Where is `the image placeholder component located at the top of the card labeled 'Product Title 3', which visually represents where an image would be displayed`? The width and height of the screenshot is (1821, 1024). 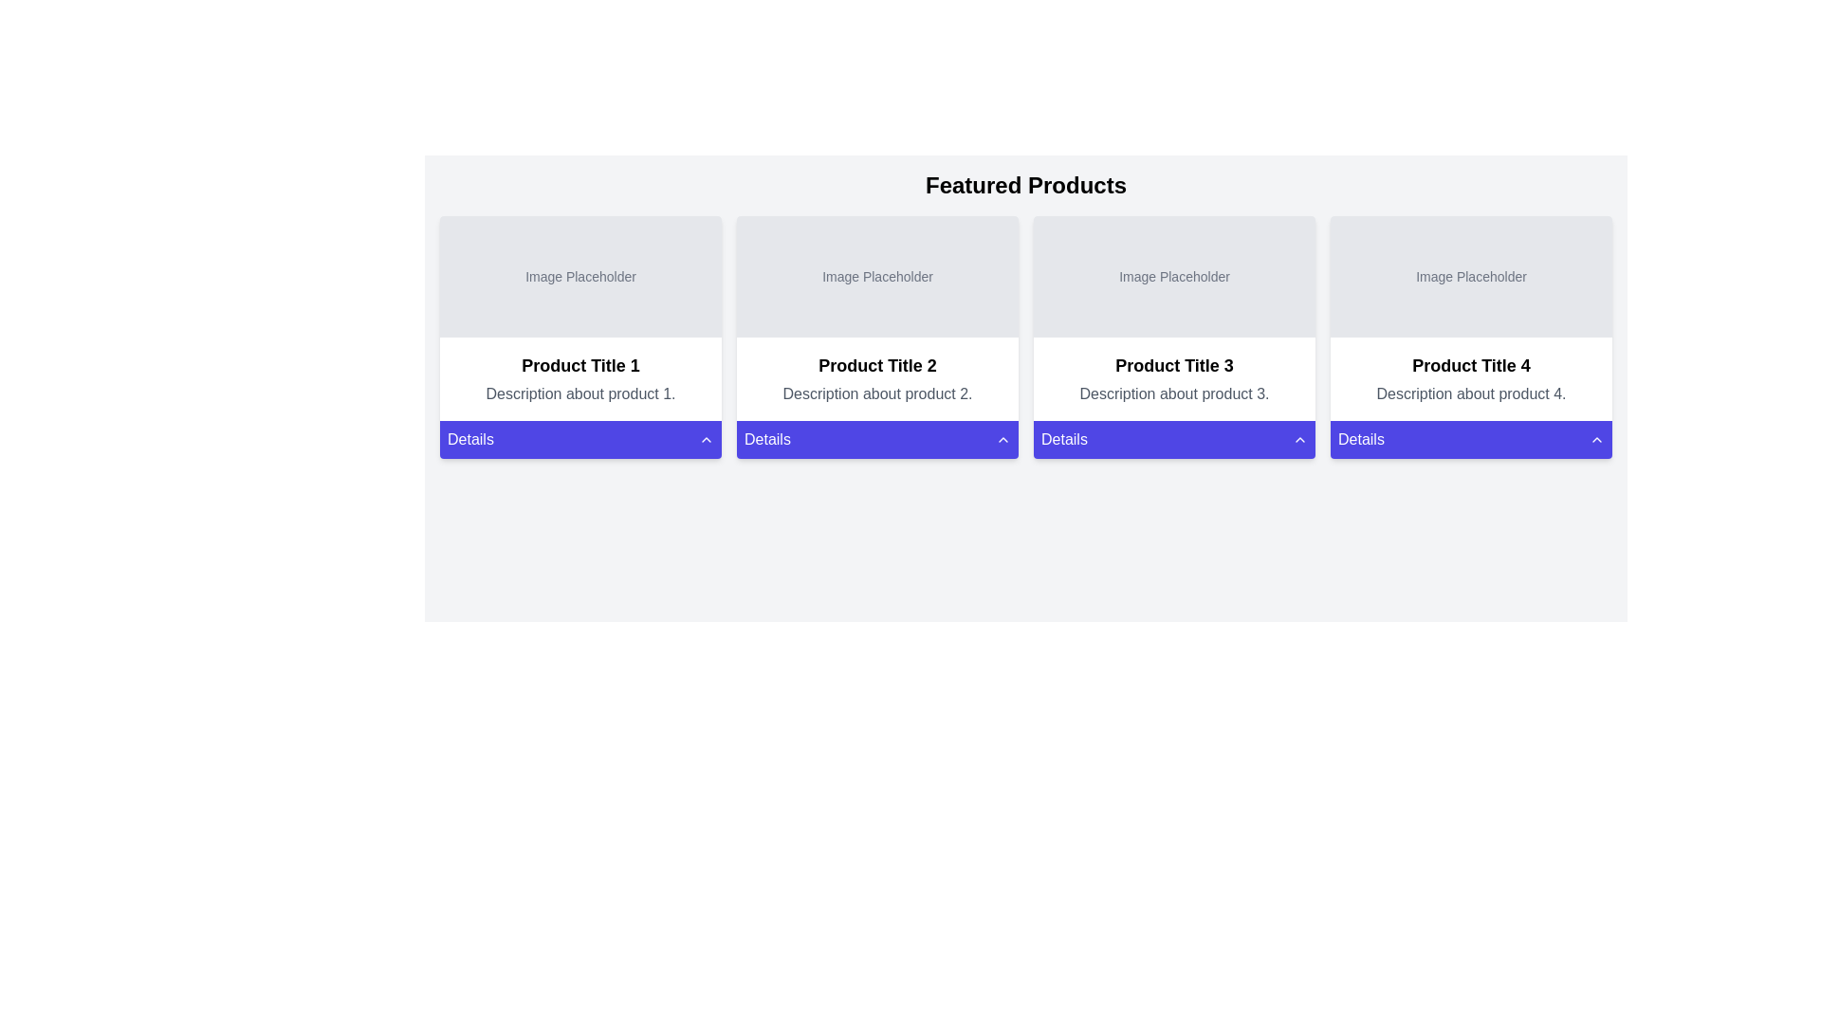 the image placeholder component located at the top of the card labeled 'Product Title 3', which visually represents where an image would be displayed is located at coordinates (1173, 277).